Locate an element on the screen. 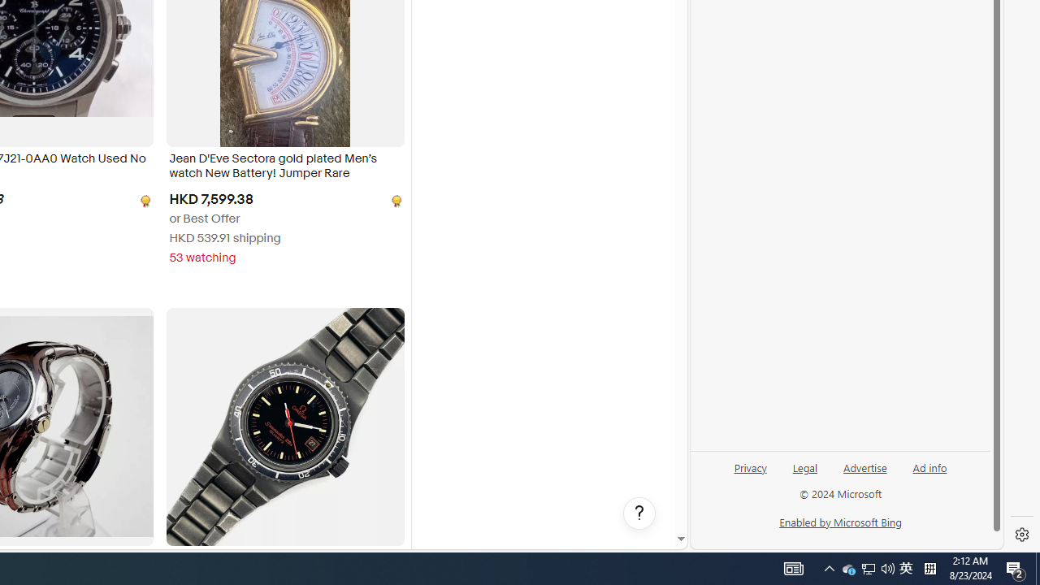  'Help, opens dialogs' is located at coordinates (639, 513).